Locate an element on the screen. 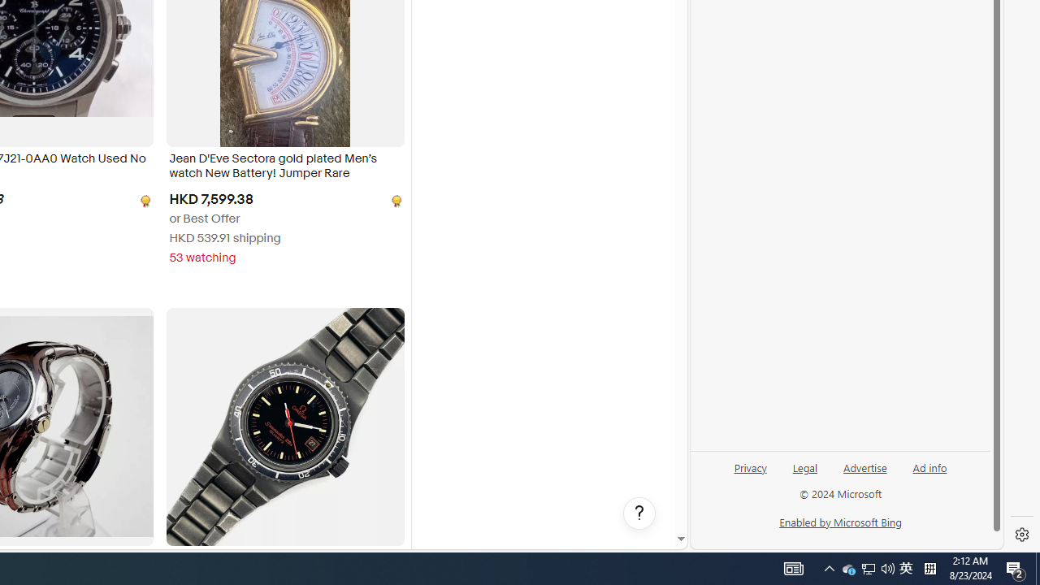  'Help, opens dialogs' is located at coordinates (639, 513).